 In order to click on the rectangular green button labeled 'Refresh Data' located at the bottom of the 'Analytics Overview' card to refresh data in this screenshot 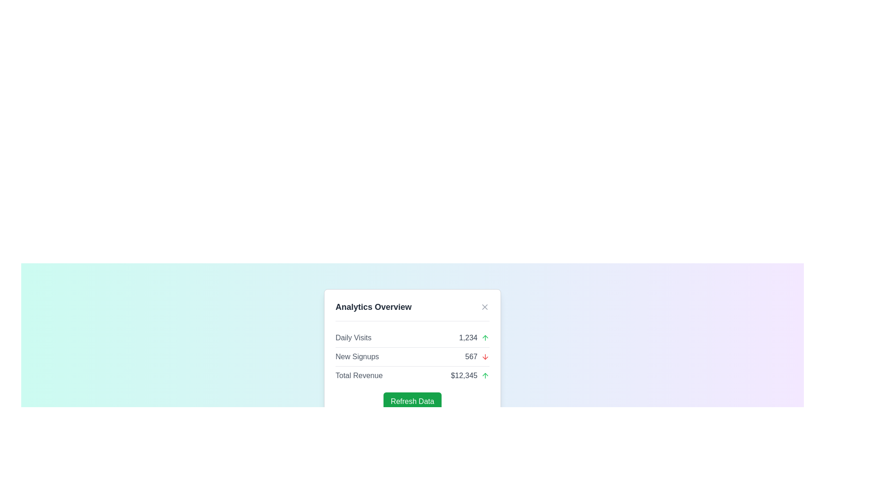, I will do `click(412, 401)`.